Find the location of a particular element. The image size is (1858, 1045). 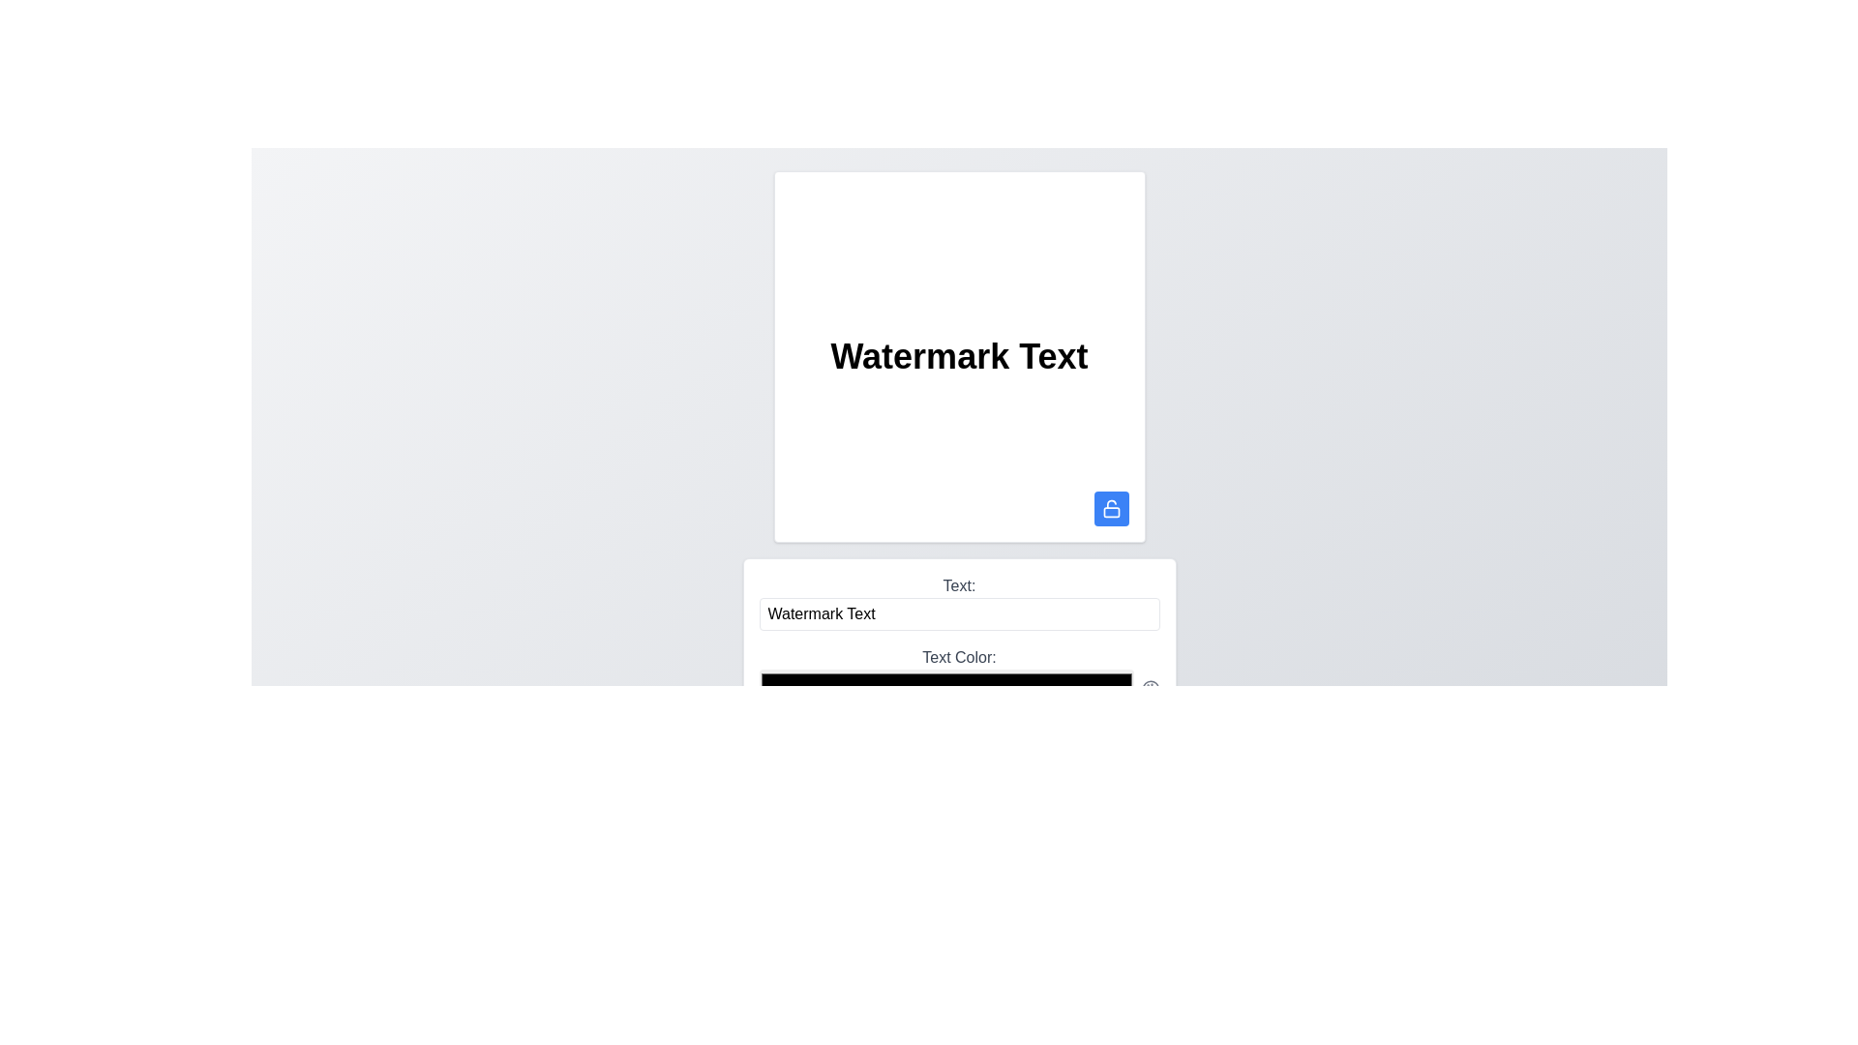

the slider is located at coordinates (870, 756).